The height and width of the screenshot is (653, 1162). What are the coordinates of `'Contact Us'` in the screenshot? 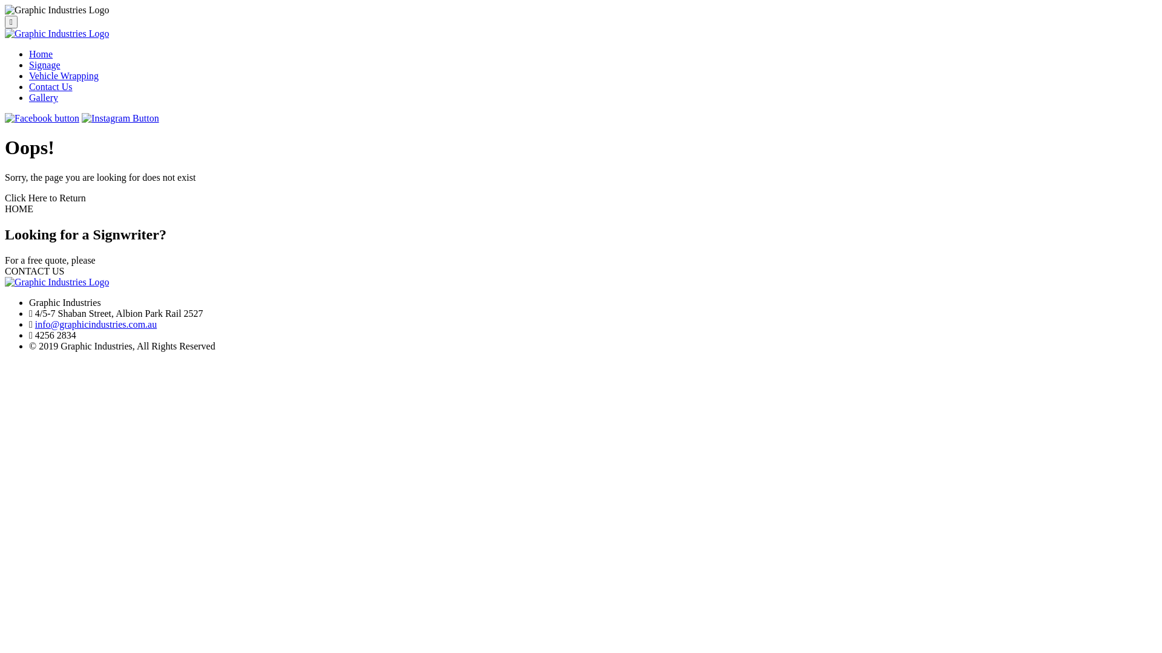 It's located at (29, 86).